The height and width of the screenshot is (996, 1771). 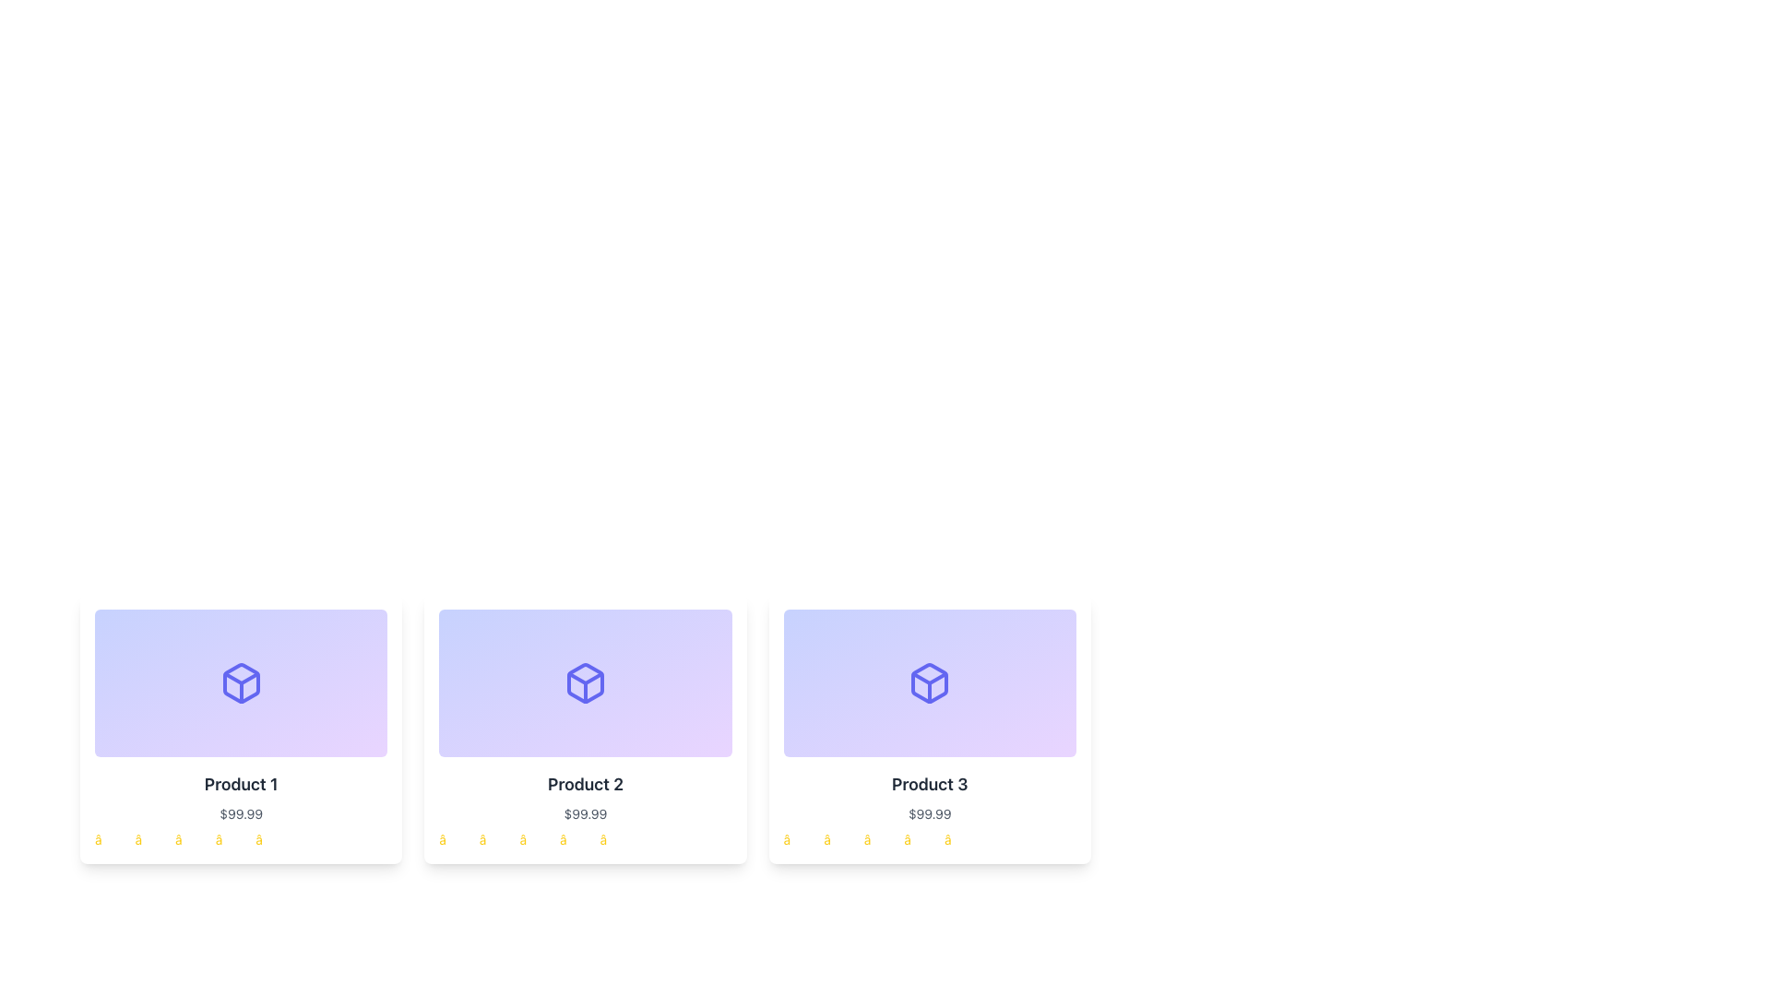 I want to click on the visual placeholder or thumbnail associated with the 'Product 3' card, which is located at the top of the card under a rounded rectangle, so click(x=930, y=682).